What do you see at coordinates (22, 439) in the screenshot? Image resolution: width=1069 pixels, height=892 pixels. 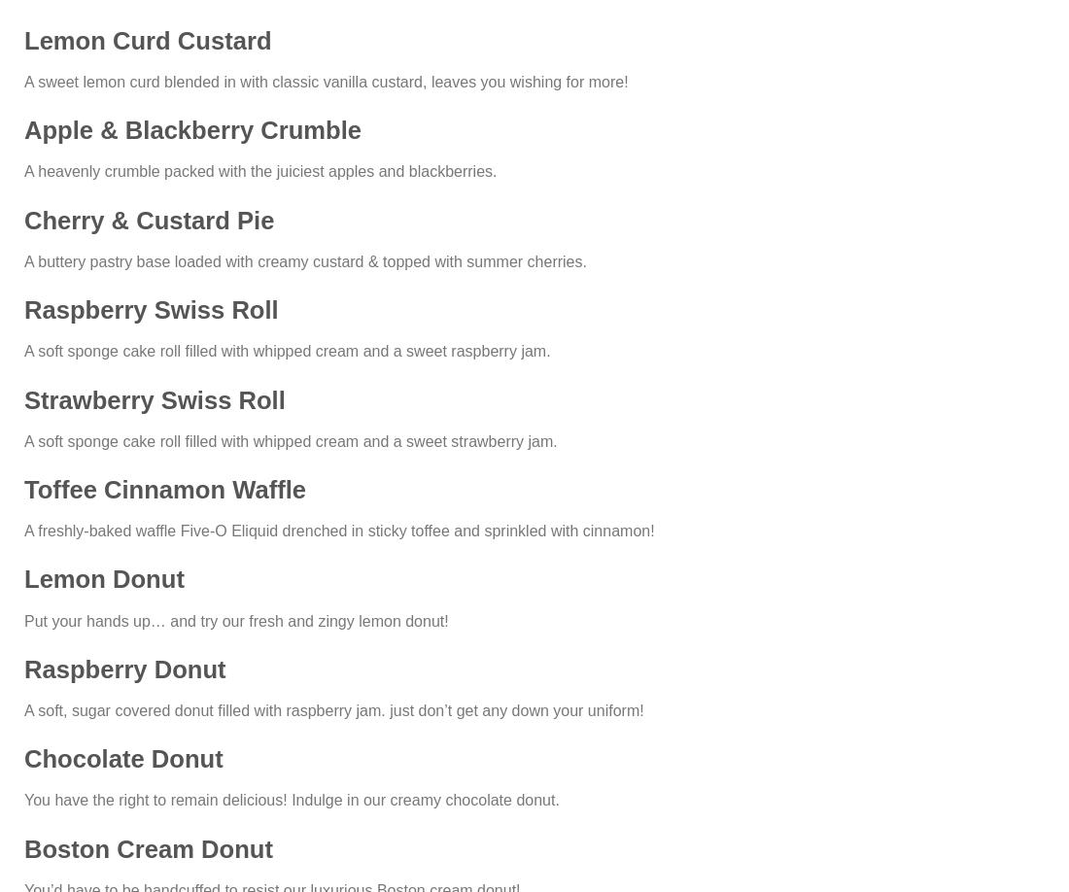 I see `'A soft sponge cake roll filled with whipped cream and a sweet strawberry jam.'` at bounding box center [22, 439].